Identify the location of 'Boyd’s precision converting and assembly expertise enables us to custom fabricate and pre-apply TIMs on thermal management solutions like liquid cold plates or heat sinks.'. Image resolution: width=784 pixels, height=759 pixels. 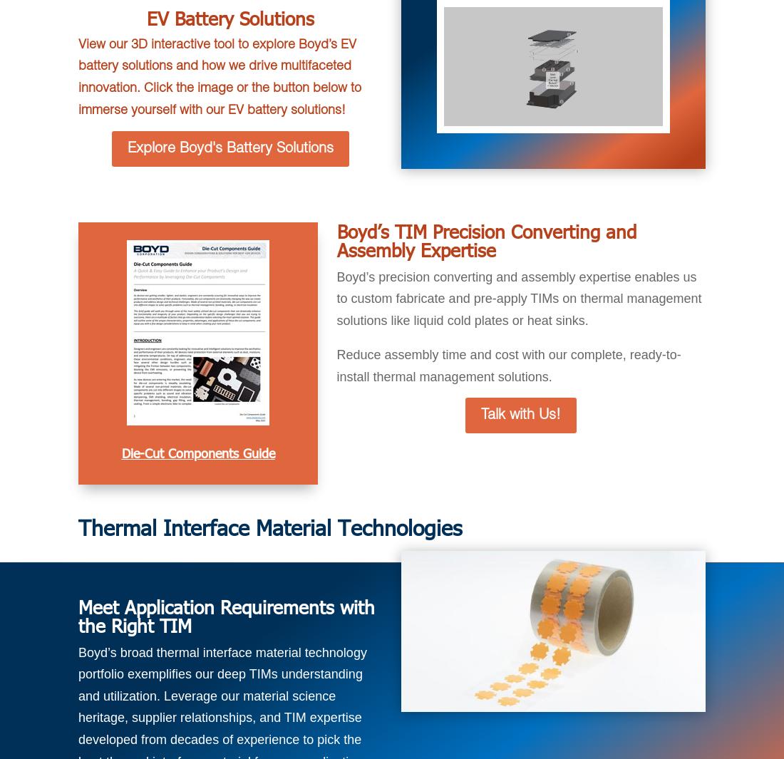
(336, 297).